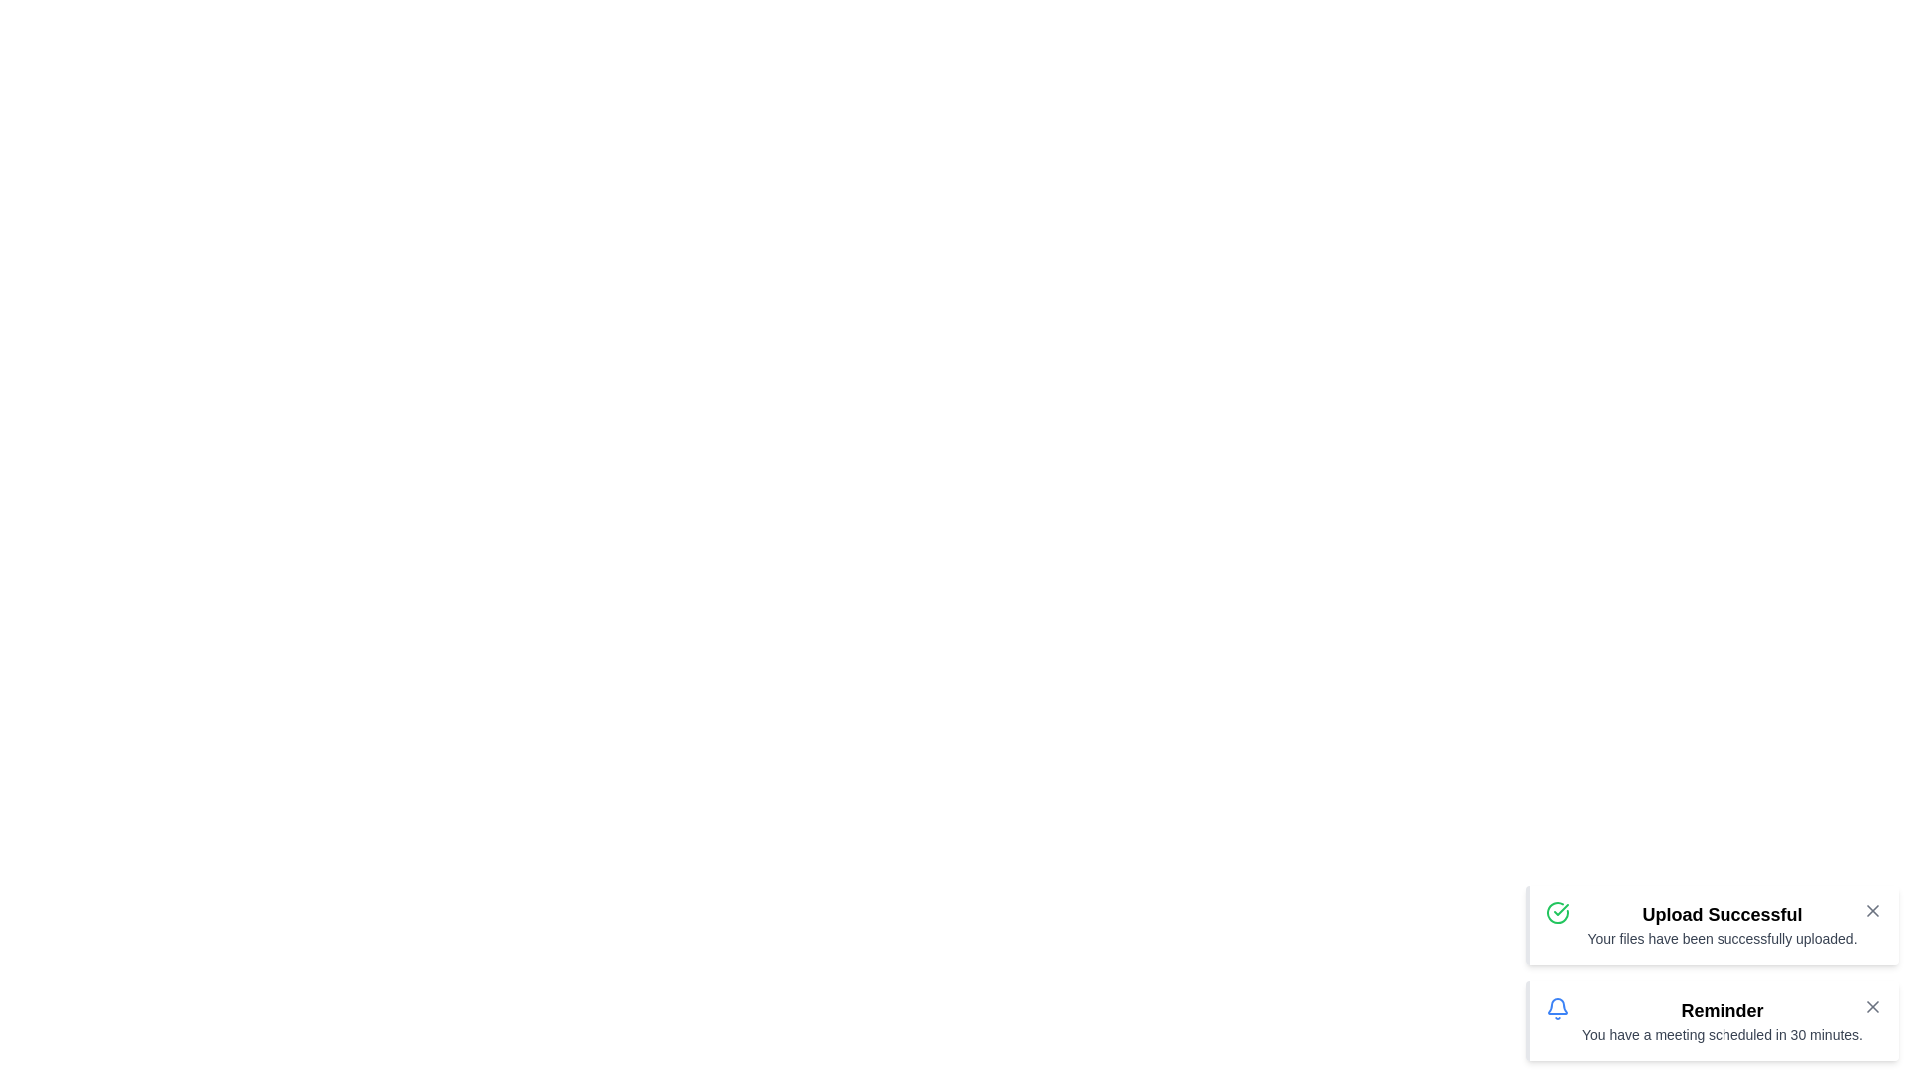 The width and height of the screenshot is (1915, 1077). Describe the element at coordinates (1711, 971) in the screenshot. I see `the notification list vertically by -446 pixels` at that location.